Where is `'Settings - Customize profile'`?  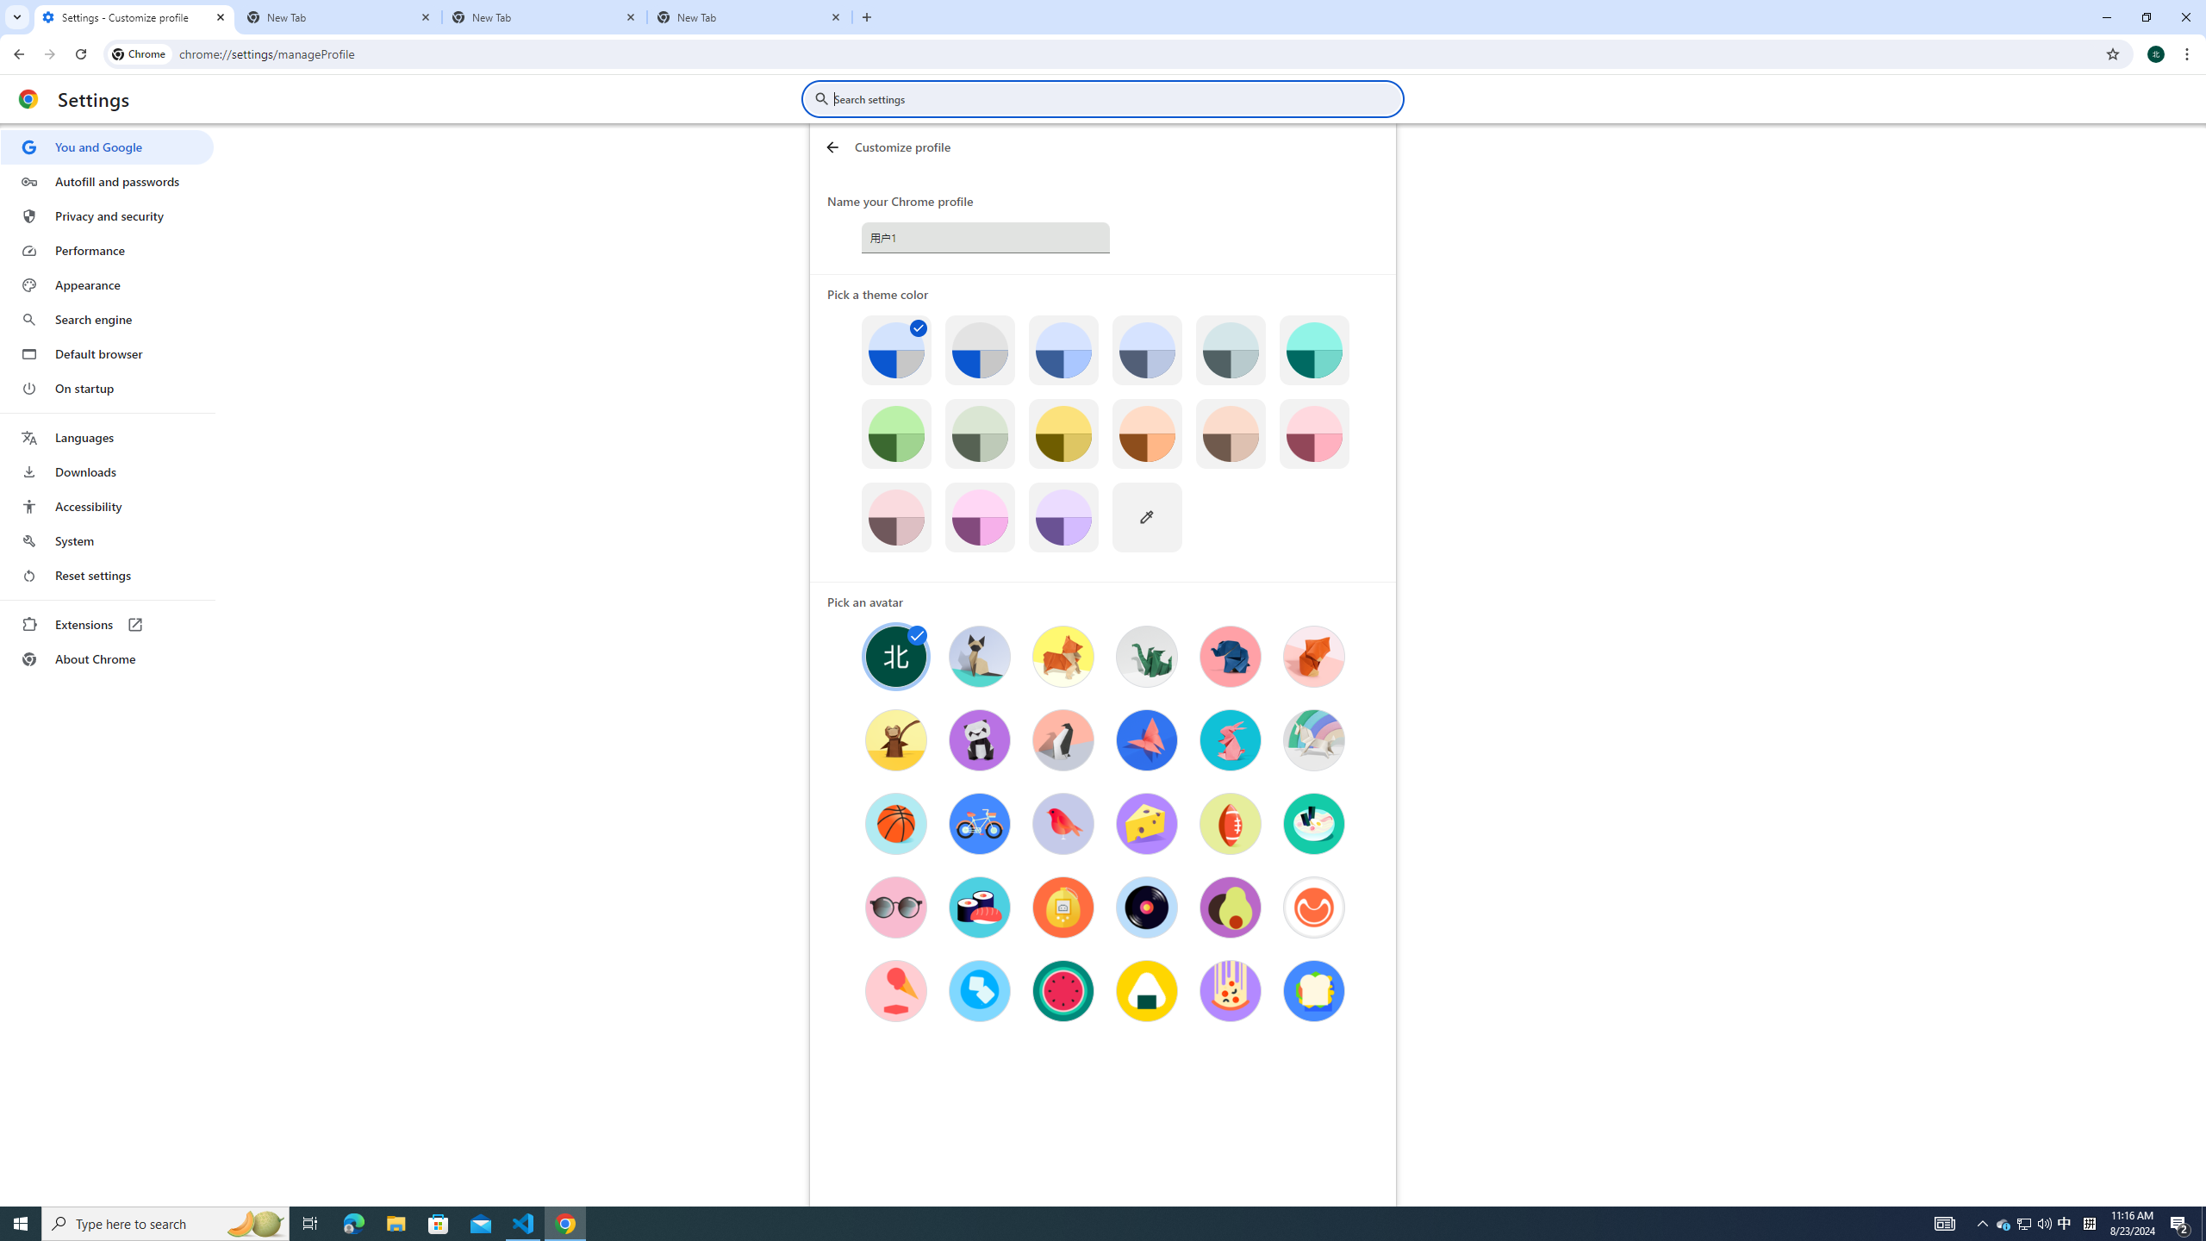
'Settings - Customize profile' is located at coordinates (134, 16).